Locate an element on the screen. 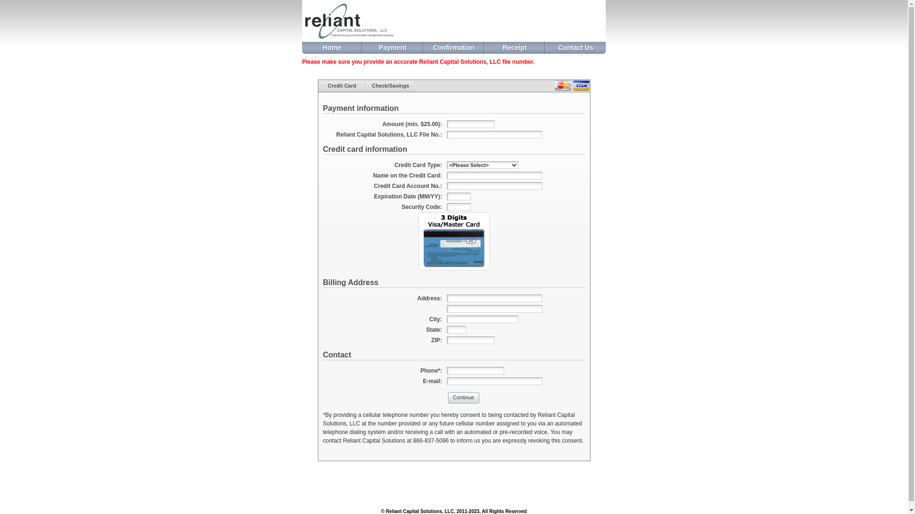 Image resolution: width=915 pixels, height=514 pixels. 'Confirmation' is located at coordinates (453, 48).